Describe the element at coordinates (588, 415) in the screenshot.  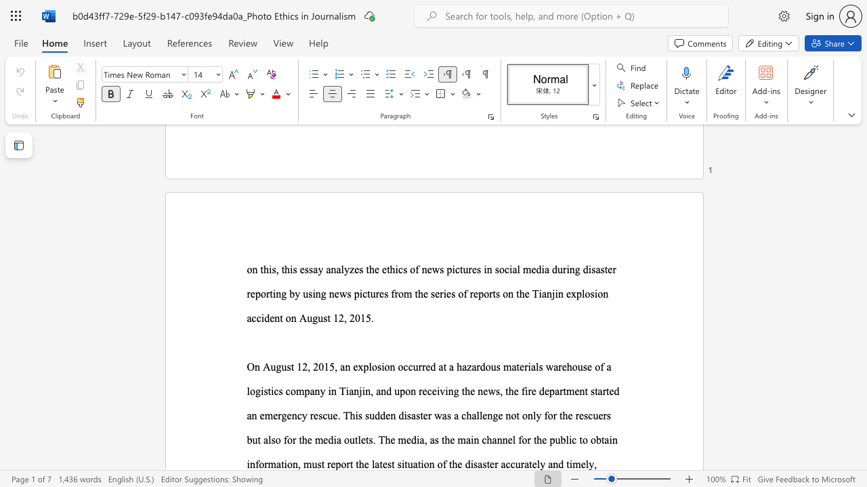
I see `the subset text "cuers but also for the media outlets. The media, as the main chann" within the text "company in Tianjin, and upon receiving the news, the fire department started an emergency rescue. This sudden disaster was a challenge not only for the rescuers but also for the media outlets. The media, as the main channel for the public to obtain information, must report the latest situation of the disaster accurately and"` at that location.